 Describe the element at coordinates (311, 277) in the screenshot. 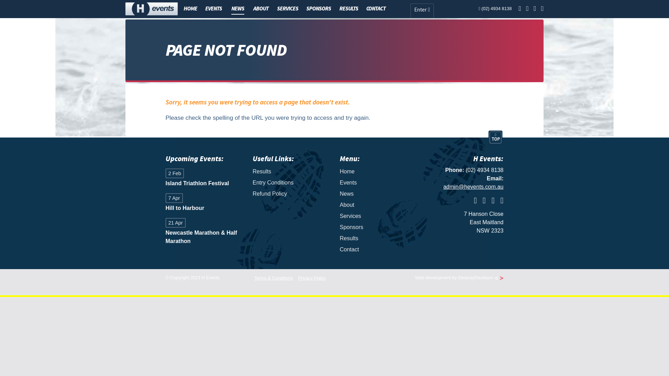

I see `'Privacy Policy'` at that location.